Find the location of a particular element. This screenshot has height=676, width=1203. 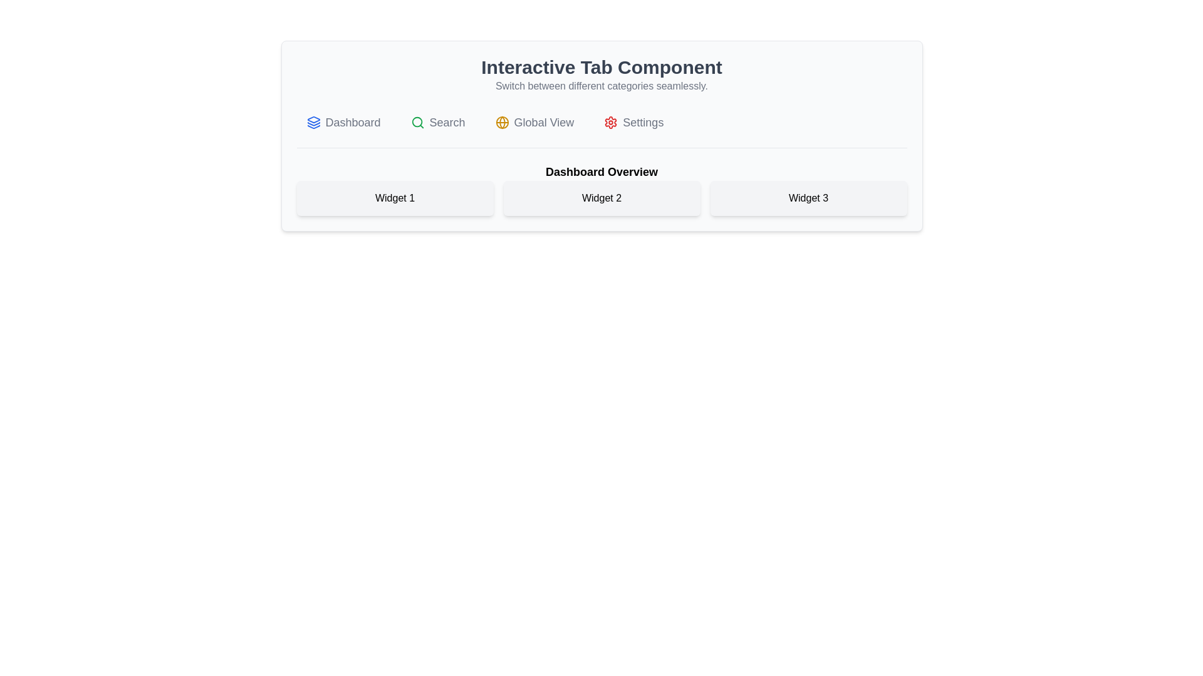

the visual representation of the red gear icon located within the 'Settings' button in the top navigation bar, positioned between the 'Global View' button and the 'Settings' label text is located at coordinates (611, 123).